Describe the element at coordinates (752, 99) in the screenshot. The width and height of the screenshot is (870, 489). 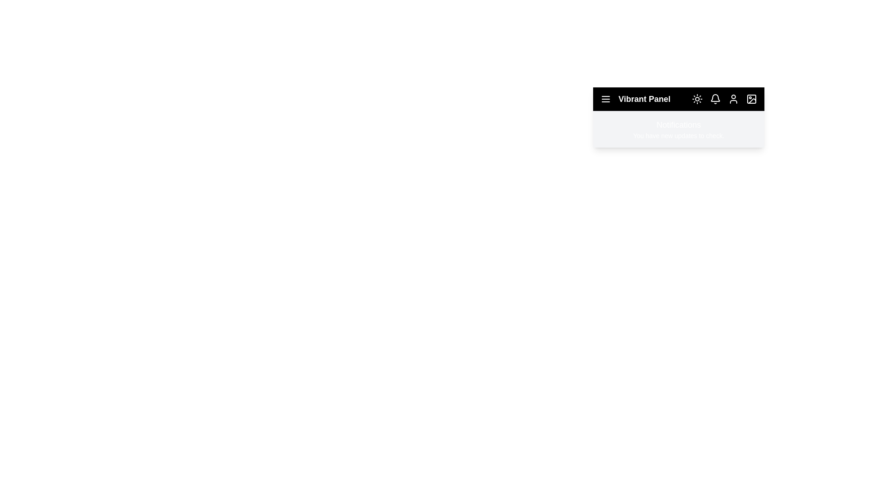
I see `the camera icon to access the camera feature` at that location.